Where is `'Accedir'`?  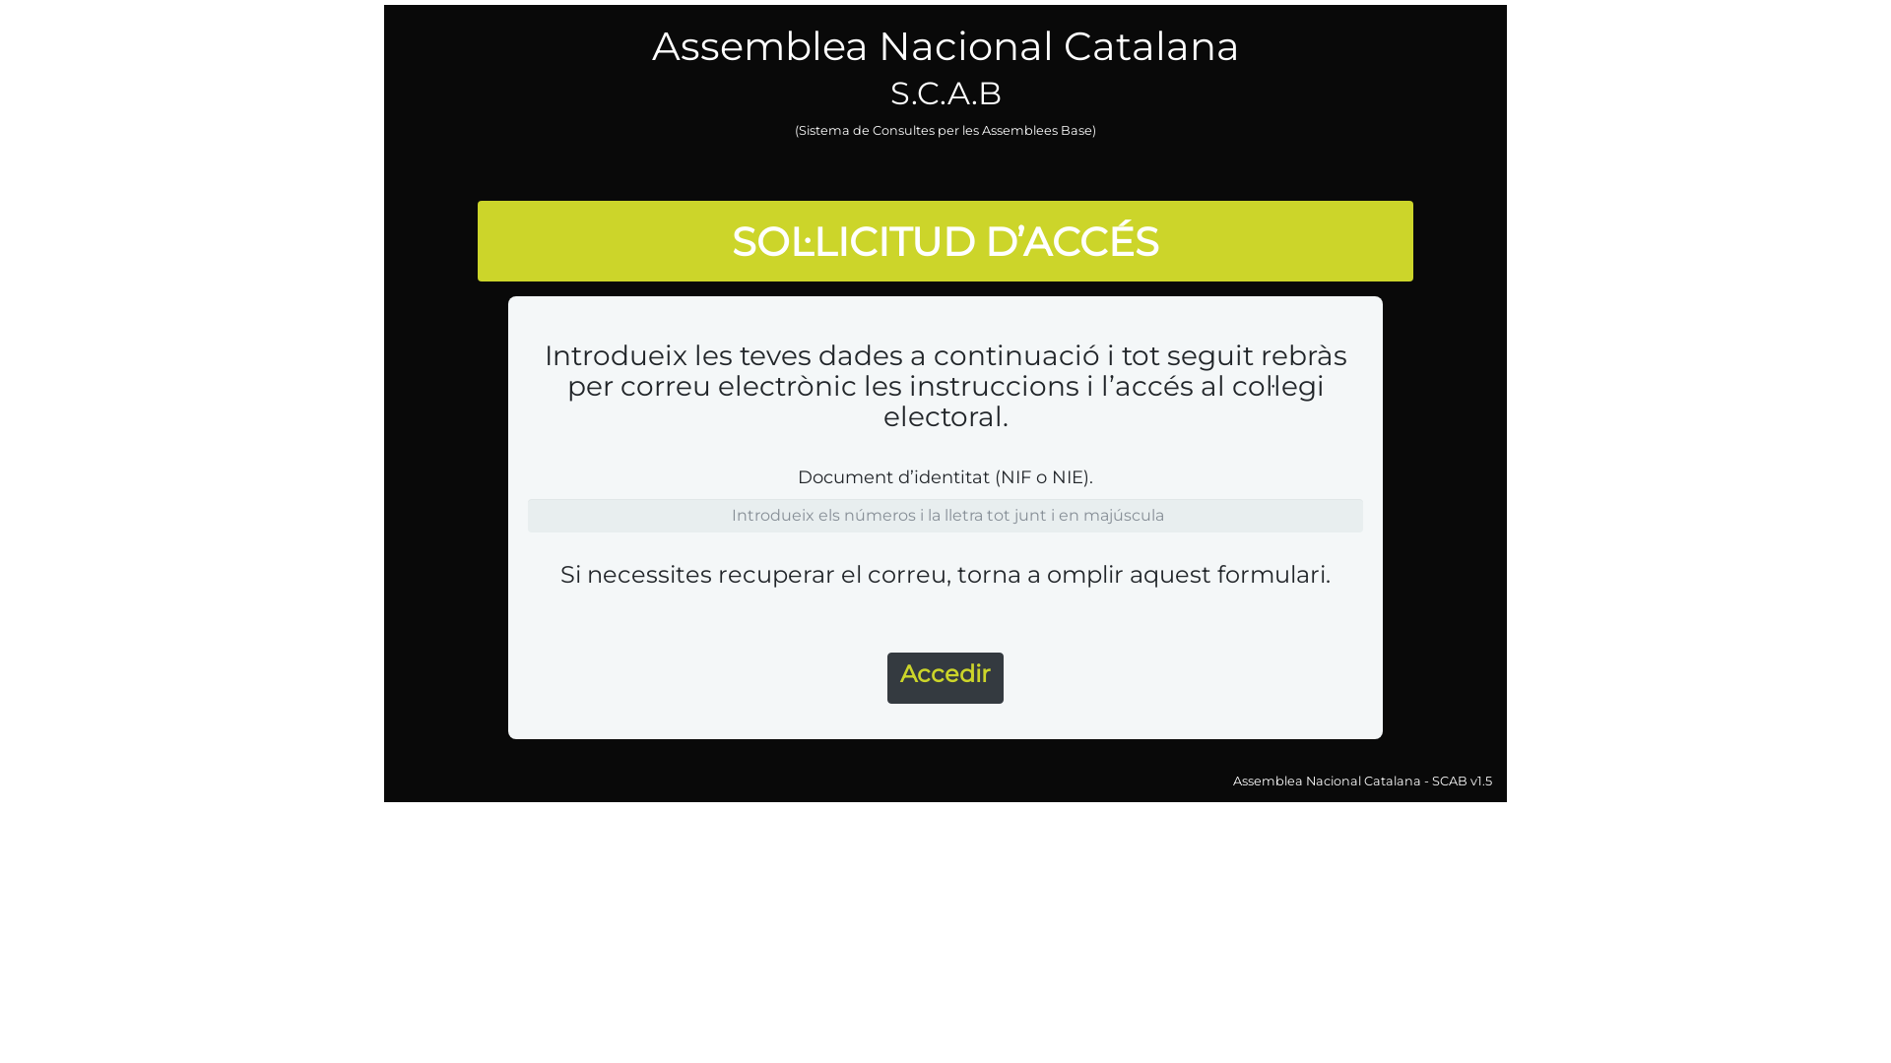
'Accedir' is located at coordinates (886, 677).